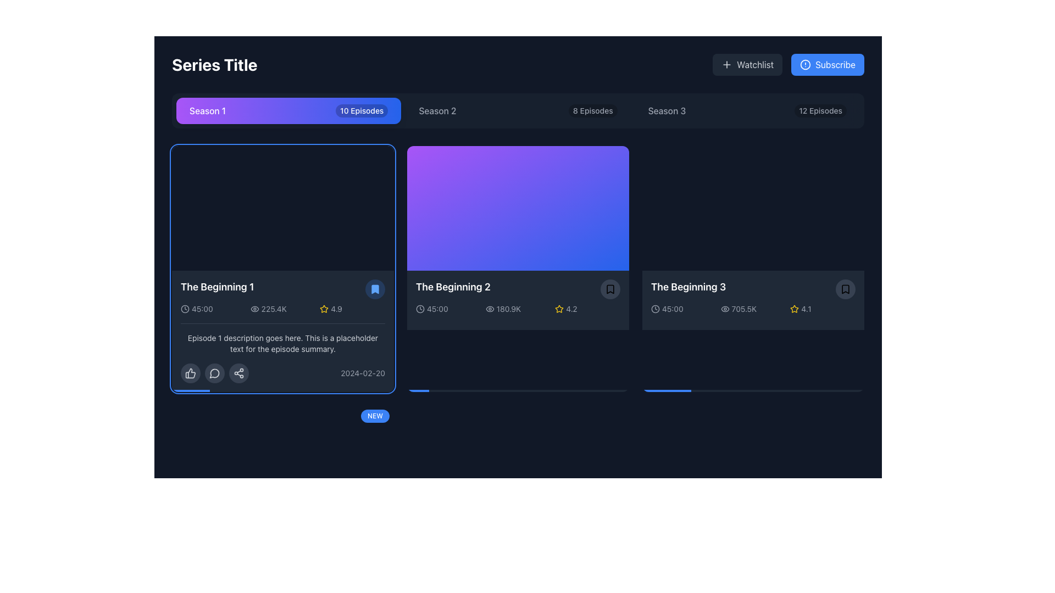 The height and width of the screenshot is (593, 1055). What do you see at coordinates (363, 373) in the screenshot?
I see `the text label displaying the date in the bottom-right corner of the card for 'The Beginning 1'` at bounding box center [363, 373].